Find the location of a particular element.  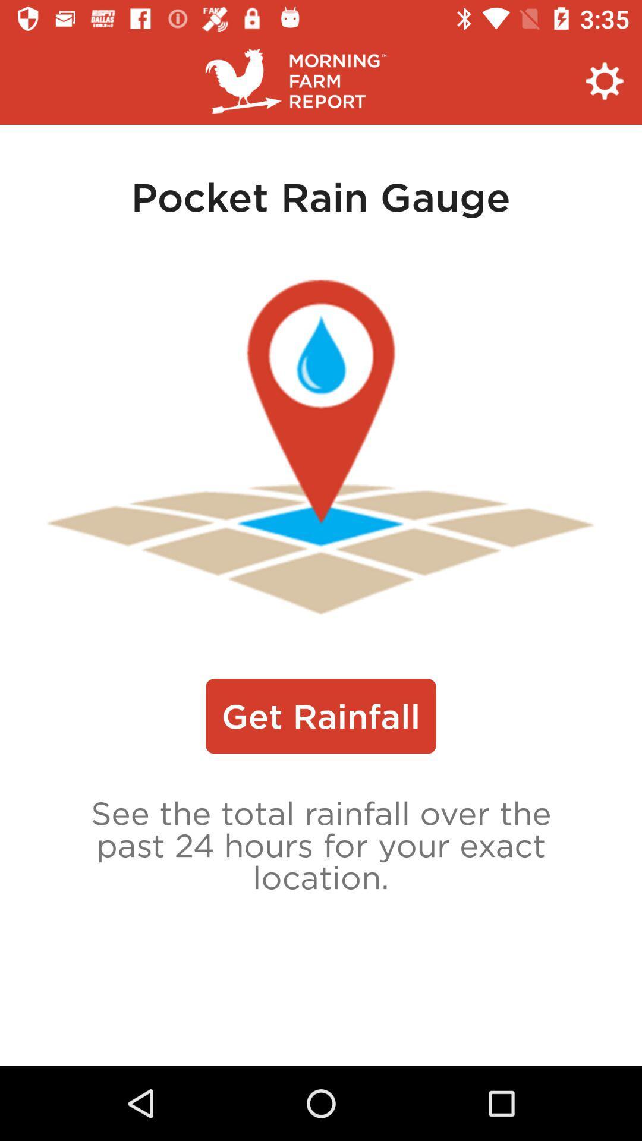

the get rainfall icon is located at coordinates (321, 716).